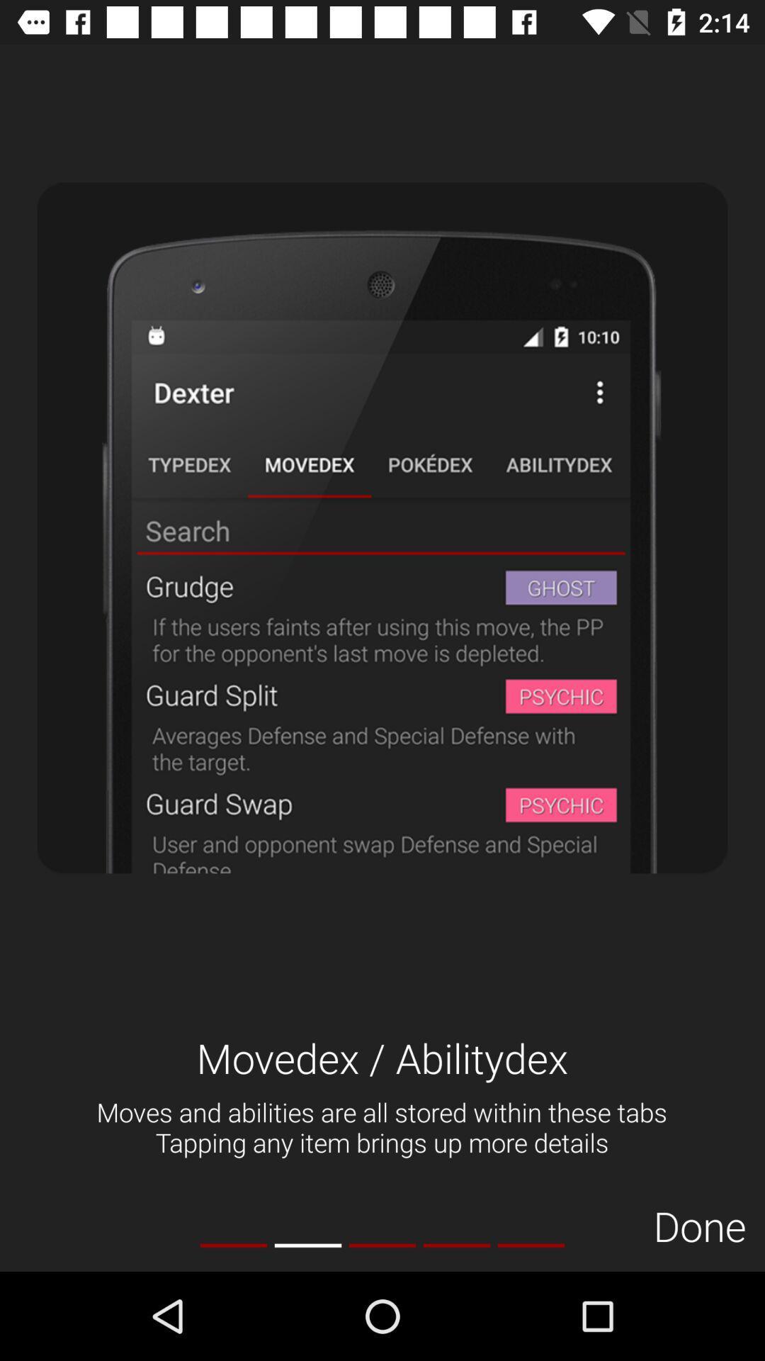 Image resolution: width=765 pixels, height=1361 pixels. I want to click on the item below moves and abilities app, so click(699, 1225).